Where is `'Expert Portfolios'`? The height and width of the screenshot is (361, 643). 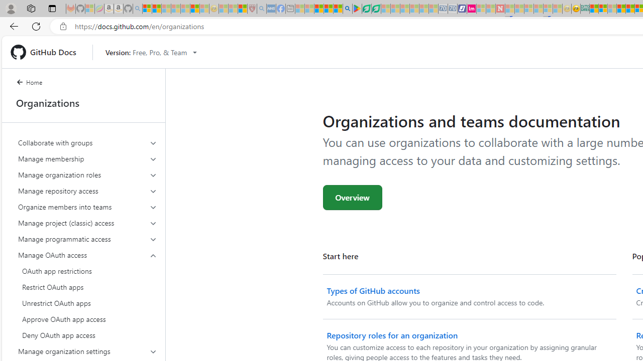 'Expert Portfolios' is located at coordinates (620, 9).